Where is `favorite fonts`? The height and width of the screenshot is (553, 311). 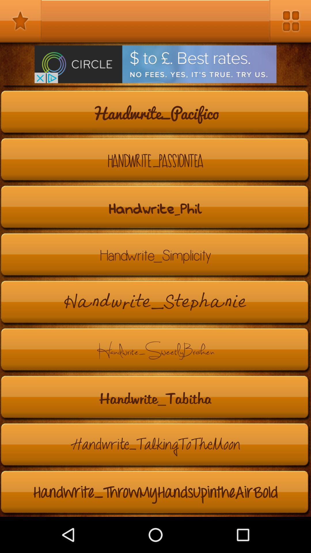
favorite fonts is located at coordinates (20, 21).